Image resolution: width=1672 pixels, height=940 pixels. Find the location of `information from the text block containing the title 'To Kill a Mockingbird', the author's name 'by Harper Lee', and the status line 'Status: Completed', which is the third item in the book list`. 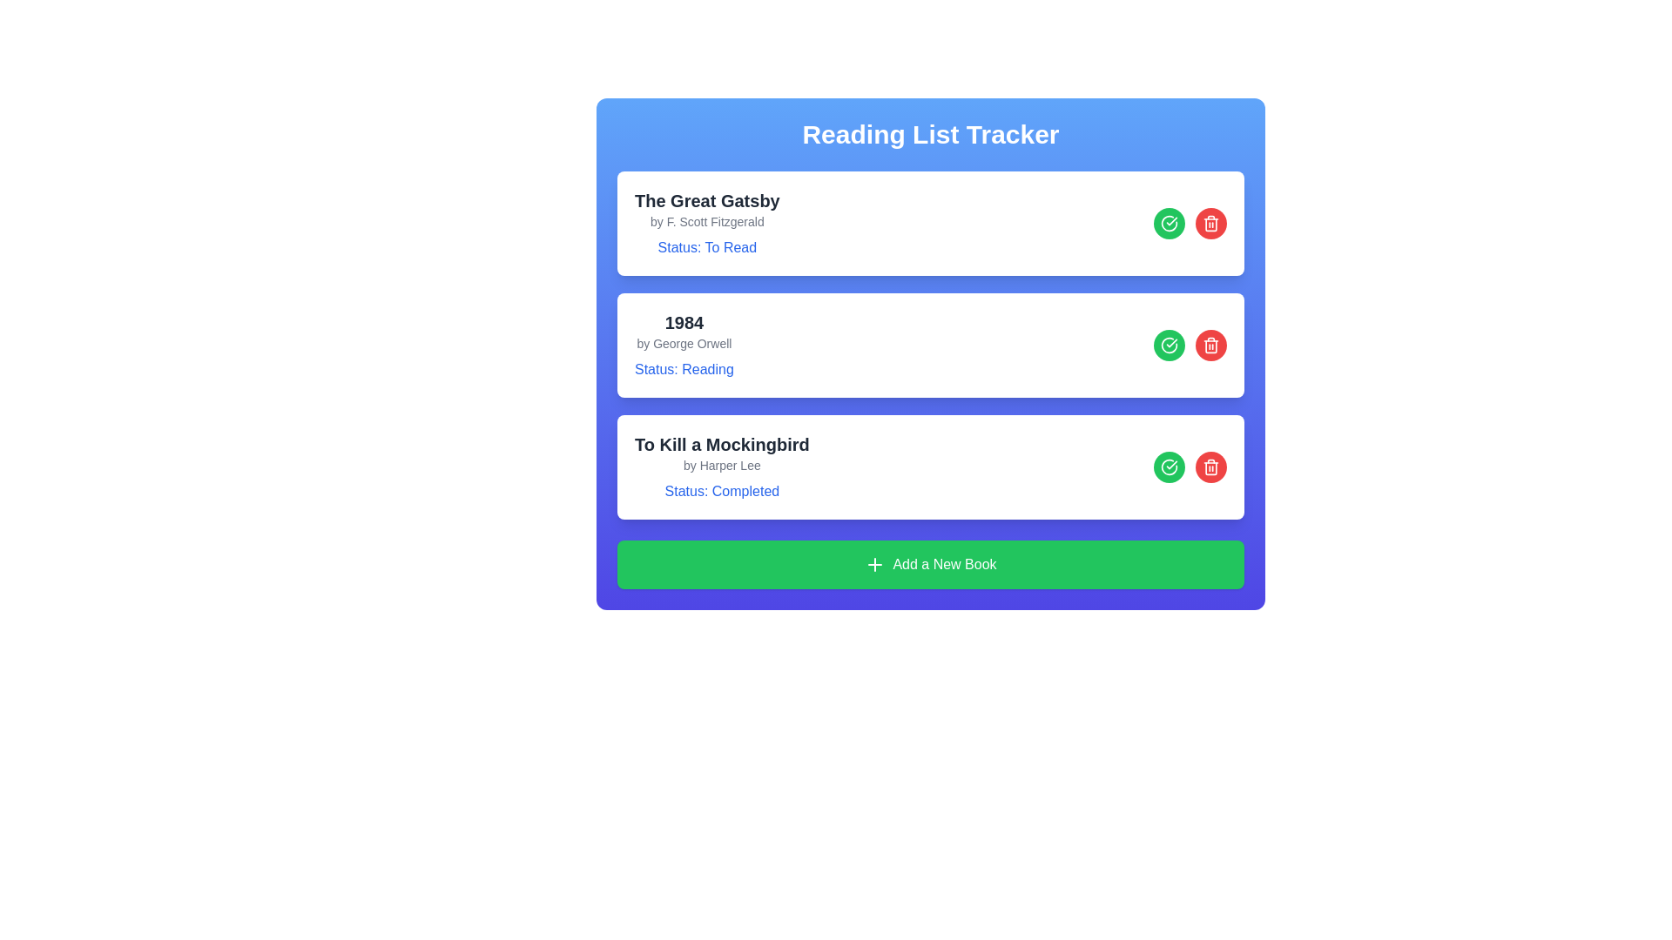

information from the text block containing the title 'To Kill a Mockingbird', the author's name 'by Harper Lee', and the status line 'Status: Completed', which is the third item in the book list is located at coordinates (722, 466).